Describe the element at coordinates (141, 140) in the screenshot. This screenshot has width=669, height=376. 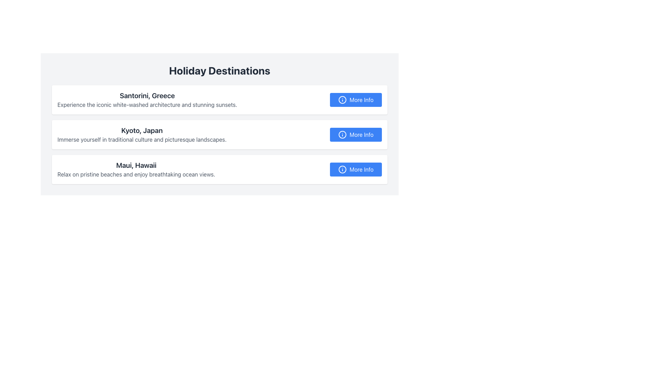
I see `the descriptive text styled in gray font that reads 'Immerse yourself in traditional culture and picturesque landscapes.', located below the header 'Kyoto, Japan' in the second card of the 'Holiday Destinations' section` at that location.